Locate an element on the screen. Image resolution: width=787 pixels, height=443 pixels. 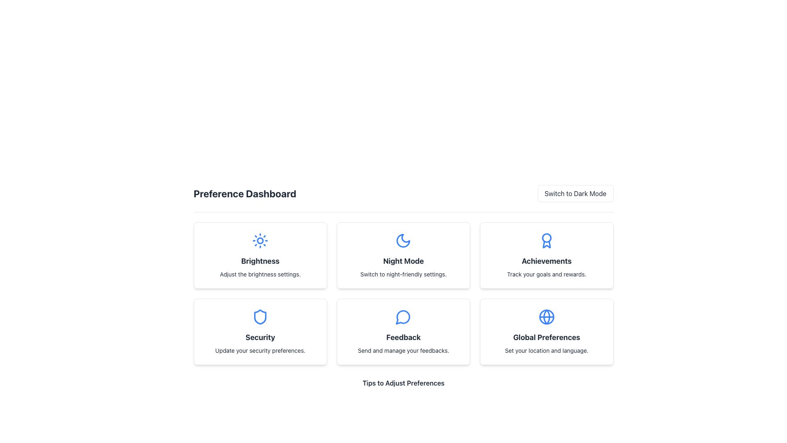
textual guide located beneath the preference options and labeled 'Tips to Adjust Preferences.' This is the last item in the vertical list of tips is located at coordinates (408, 419).